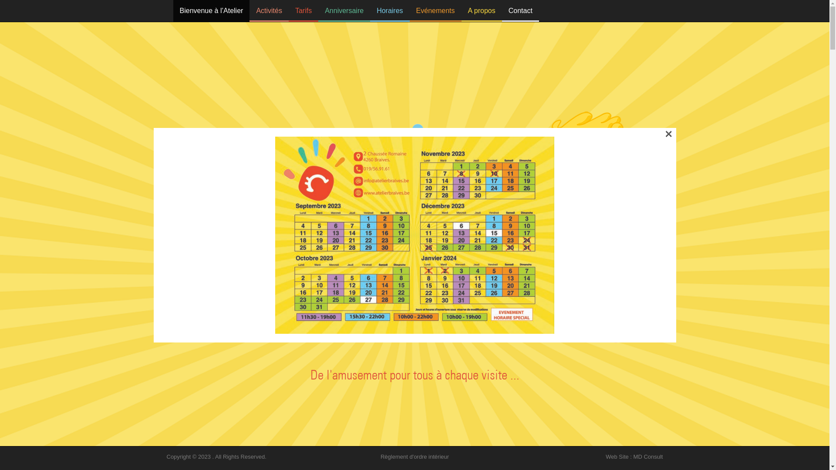 The image size is (836, 470). I want to click on 'A propos', so click(461, 10).